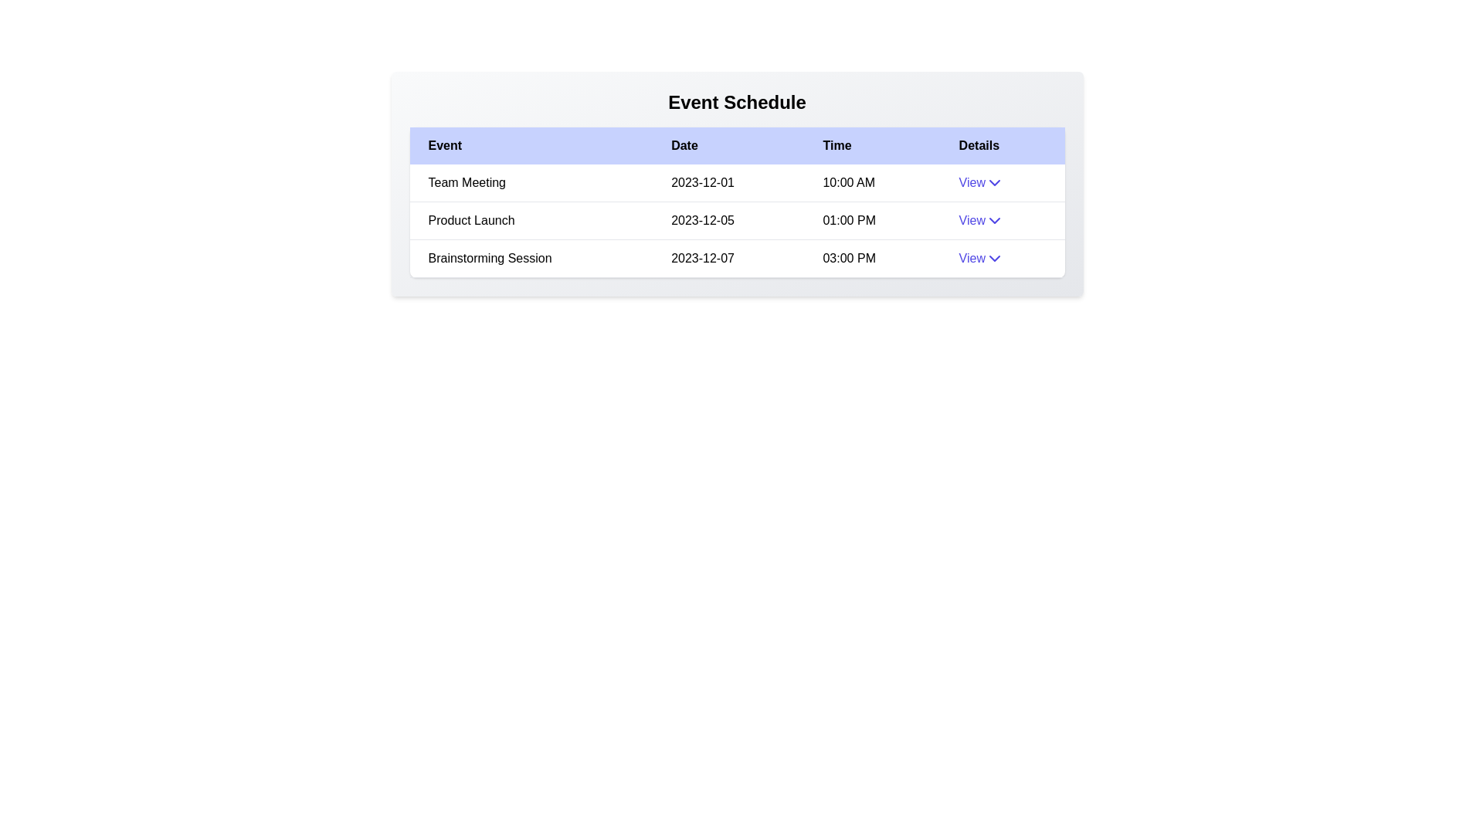  I want to click on the 'View' button to expand or collapse the details for the event Product Launch, so click(980, 220).